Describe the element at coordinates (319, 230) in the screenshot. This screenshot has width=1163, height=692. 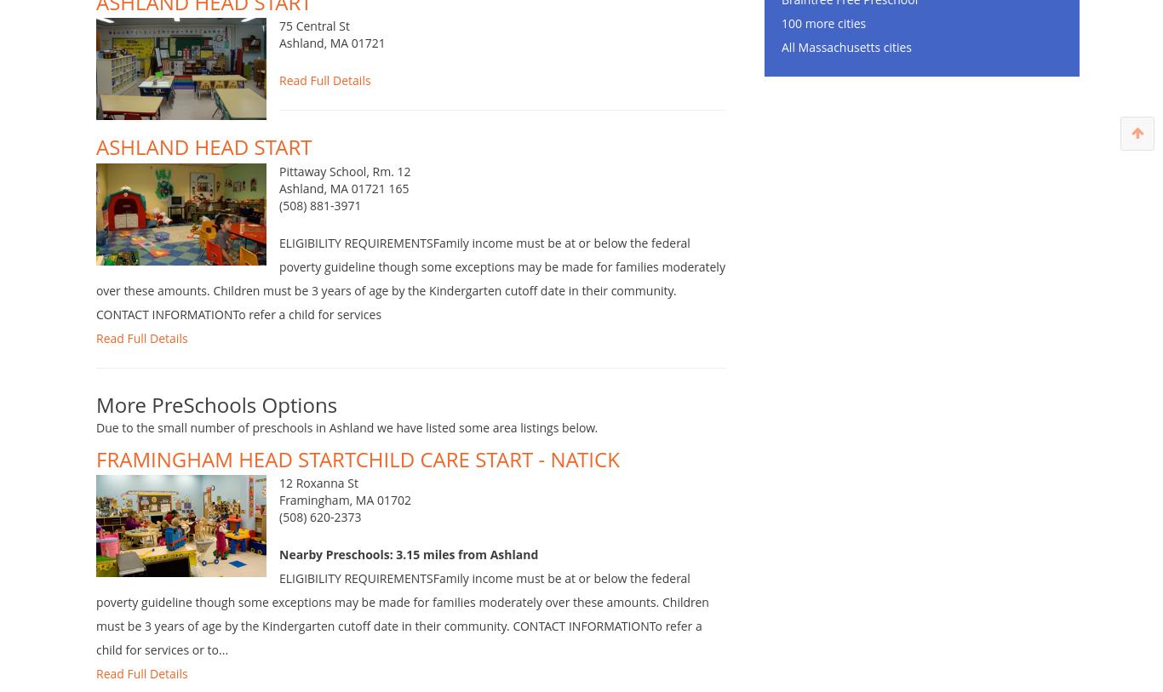
I see `'(508) 881-3971'` at that location.